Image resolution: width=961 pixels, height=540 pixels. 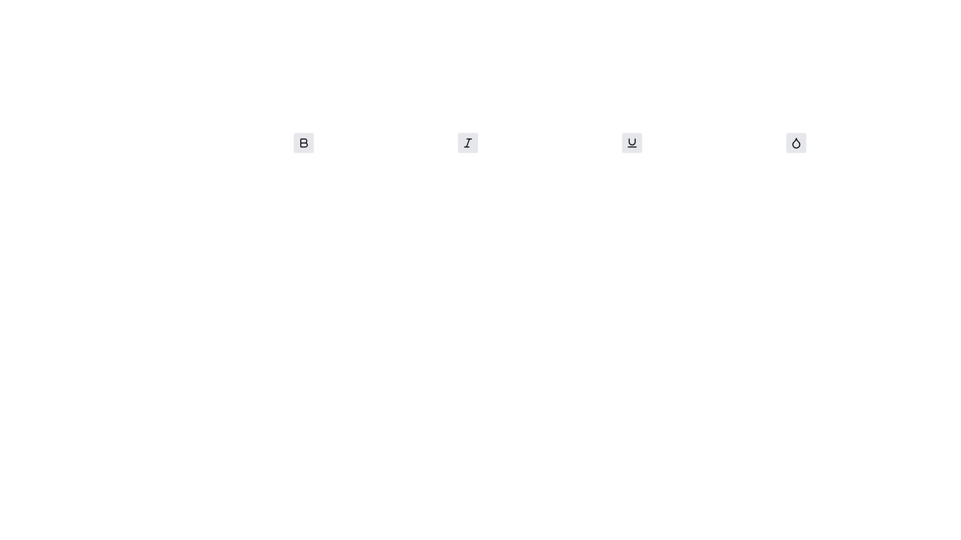 What do you see at coordinates (795, 142) in the screenshot?
I see `the fourth button in the top center group, which has a rounded shape, light gray background, and a droplet icon` at bounding box center [795, 142].